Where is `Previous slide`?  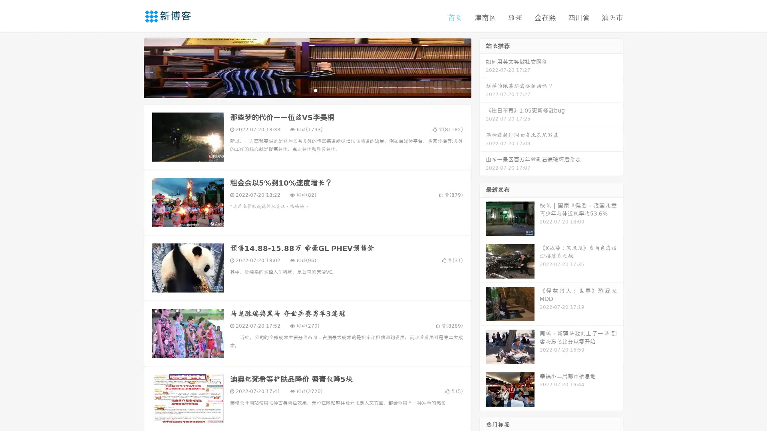
Previous slide is located at coordinates (132, 67).